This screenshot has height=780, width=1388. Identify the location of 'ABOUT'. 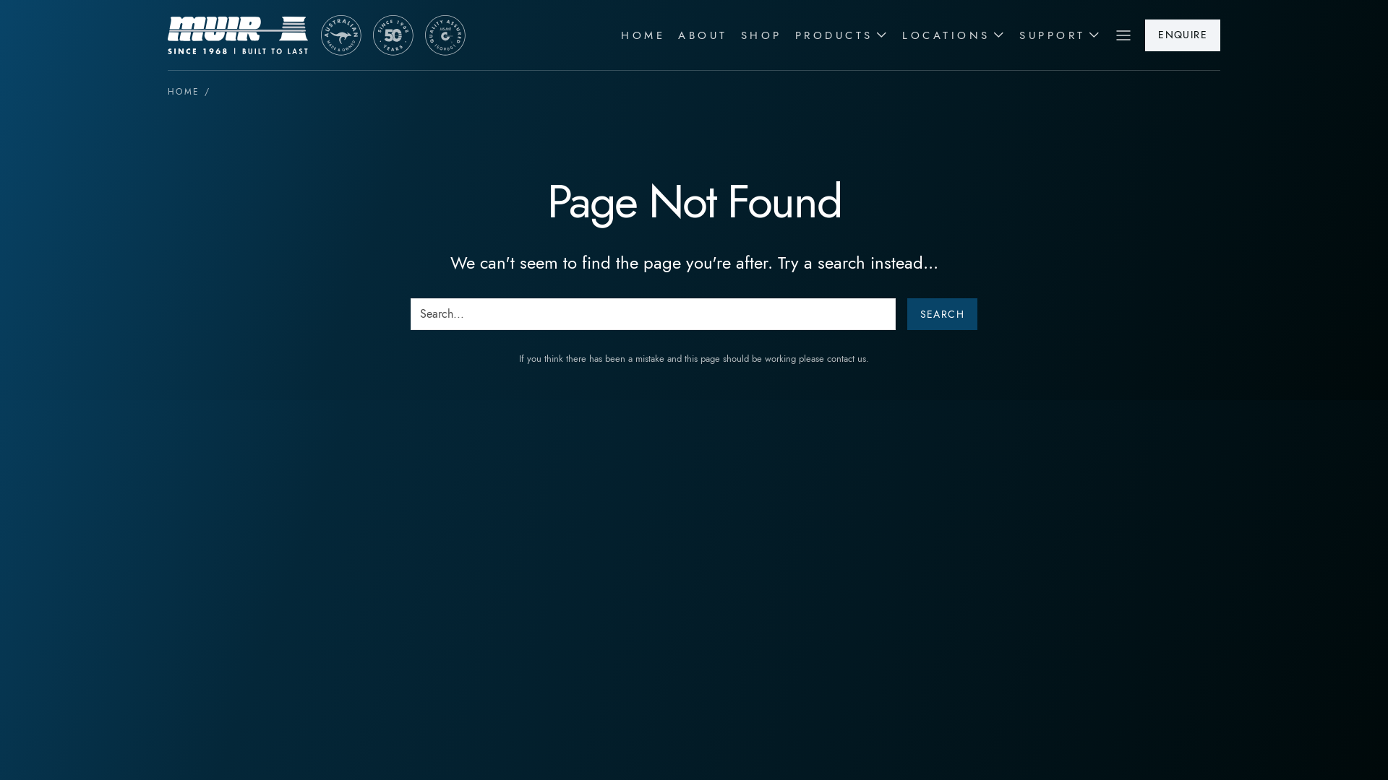
(703, 35).